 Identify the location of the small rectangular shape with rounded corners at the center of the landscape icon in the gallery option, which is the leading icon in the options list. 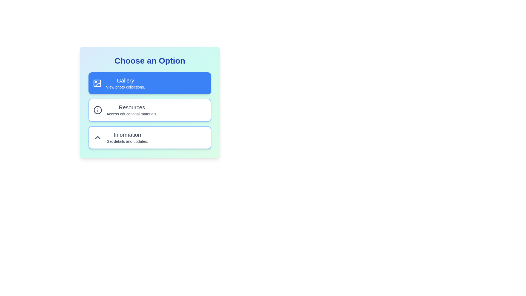
(97, 83).